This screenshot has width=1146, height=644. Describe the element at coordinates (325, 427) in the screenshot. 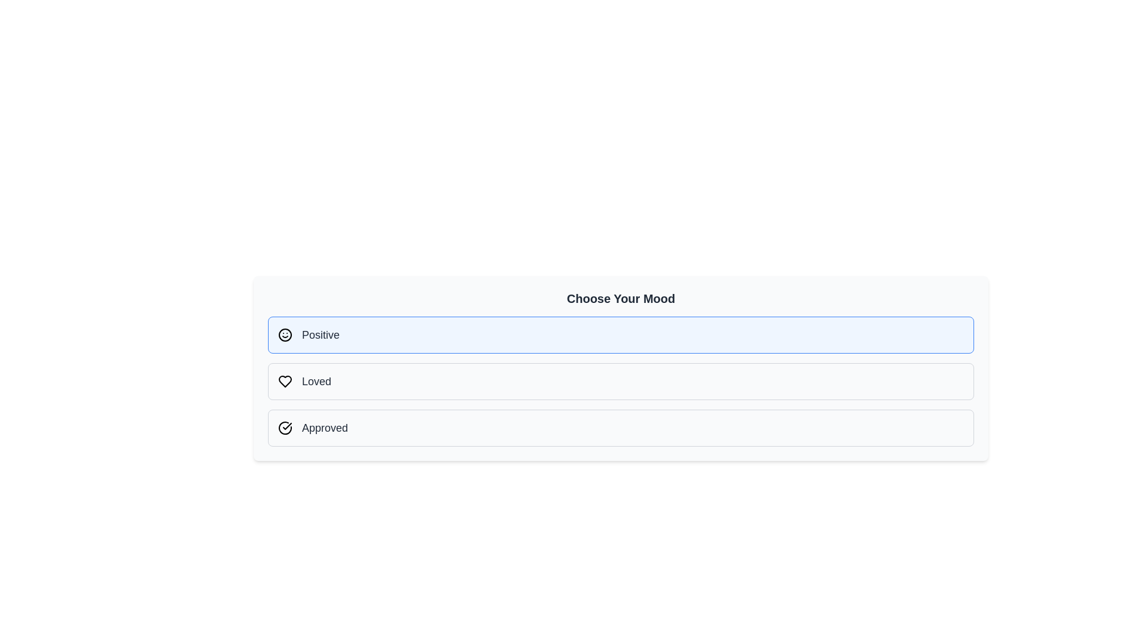

I see `the text label that displays 'Approved', located in the third row of the 'Choose Your Mood' options, next to a checkmark icon` at that location.